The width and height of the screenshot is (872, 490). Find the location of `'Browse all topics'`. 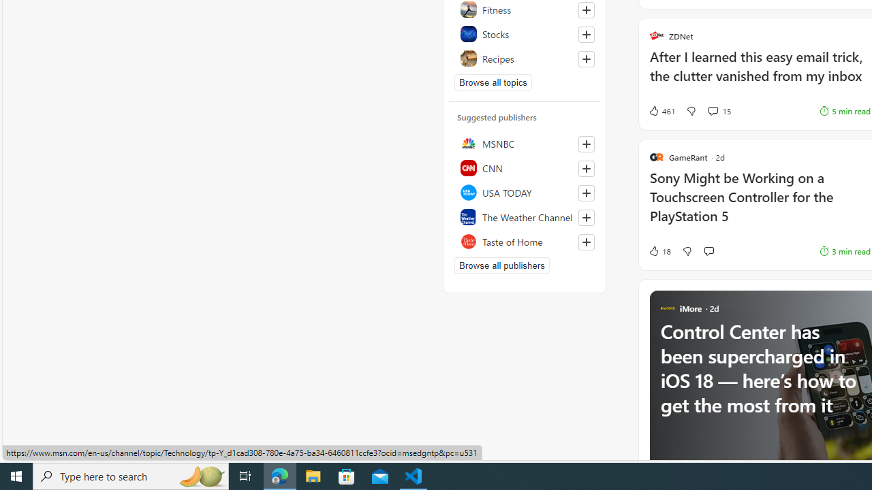

'Browse all topics' is located at coordinates (493, 82).